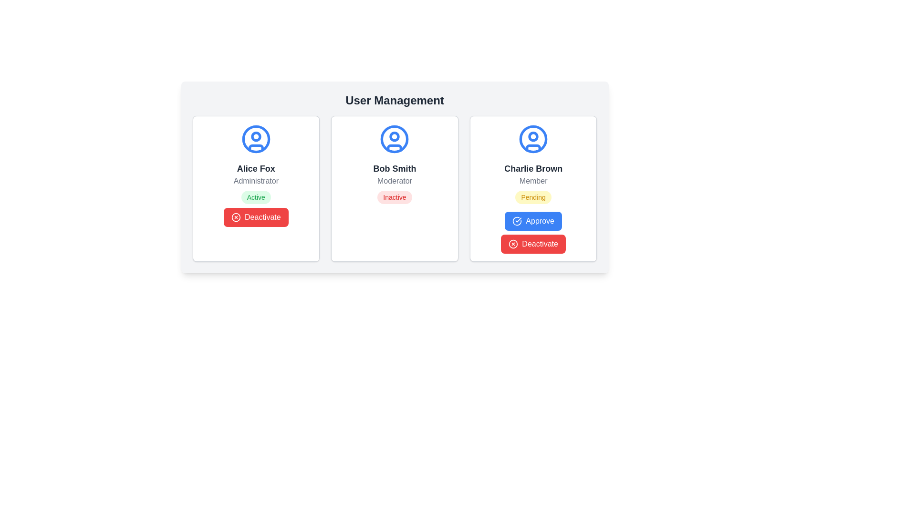  I want to click on the outer circular boundary of the 'User' profile icon in the second card from the left within the 'User Management' interface, so click(395, 139).